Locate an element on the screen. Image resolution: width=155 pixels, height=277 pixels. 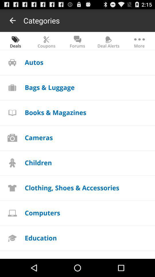
go back is located at coordinates (13, 20).